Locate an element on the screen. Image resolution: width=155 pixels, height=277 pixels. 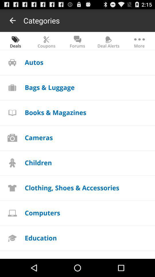
go back is located at coordinates (13, 20).